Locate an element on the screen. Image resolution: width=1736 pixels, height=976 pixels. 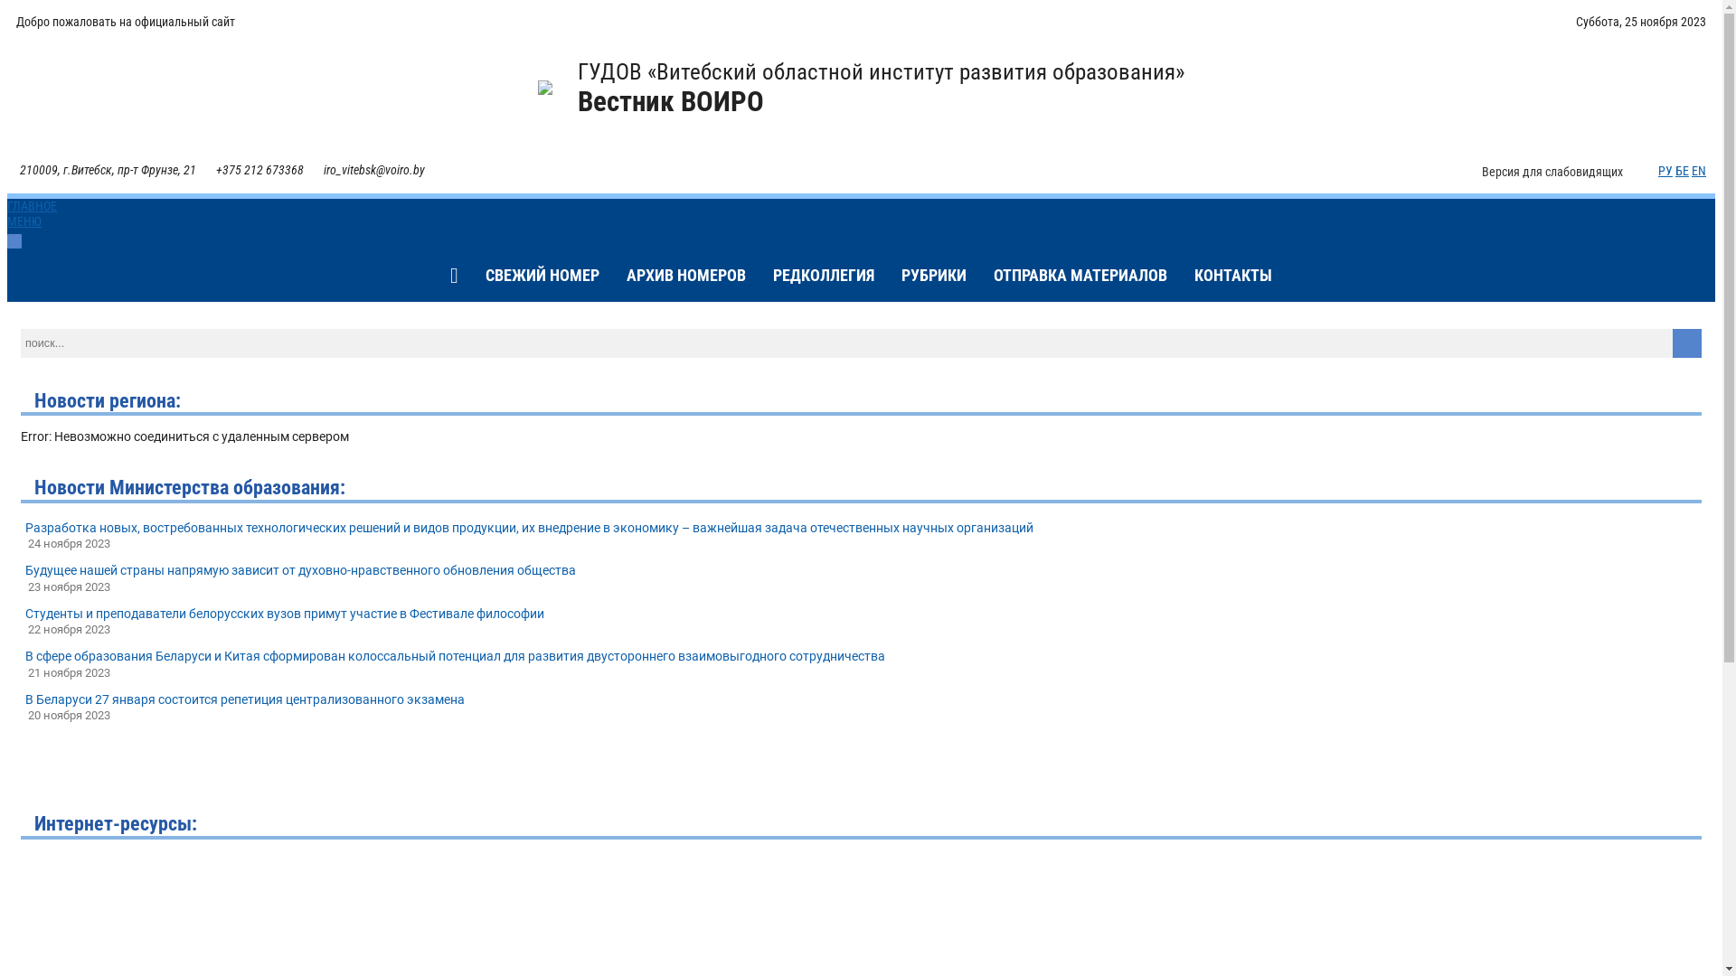
'EN' is located at coordinates (1697, 171).